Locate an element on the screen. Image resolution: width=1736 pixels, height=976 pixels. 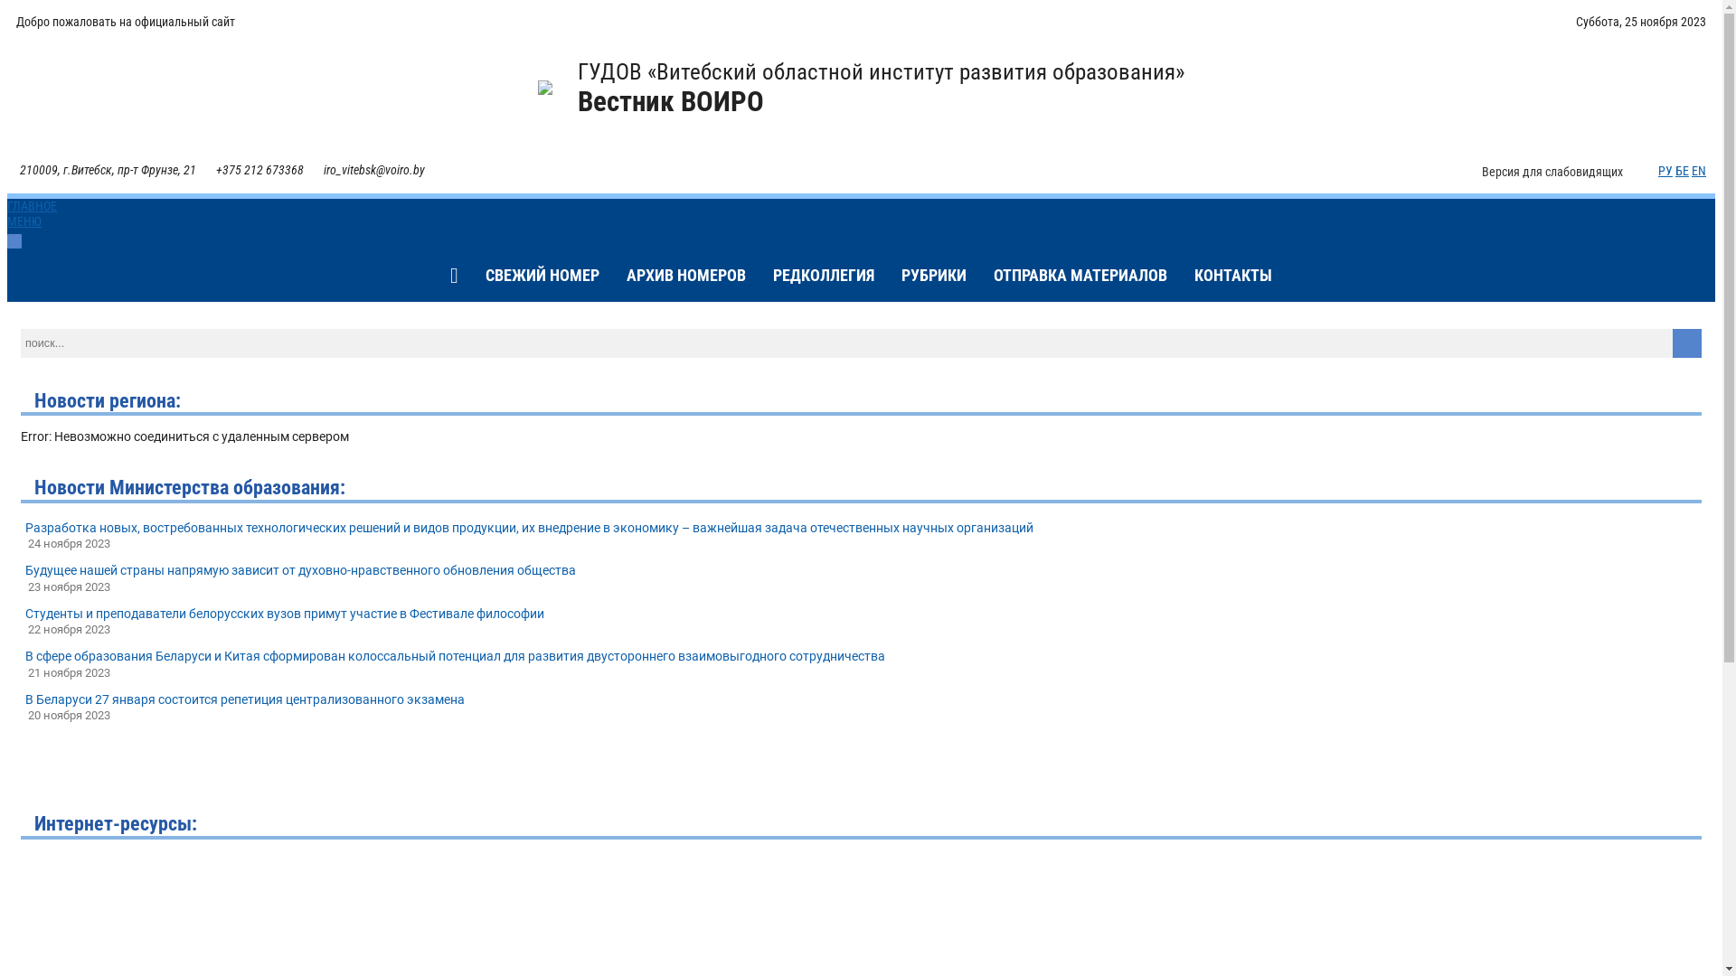
'EN' is located at coordinates (1697, 171).